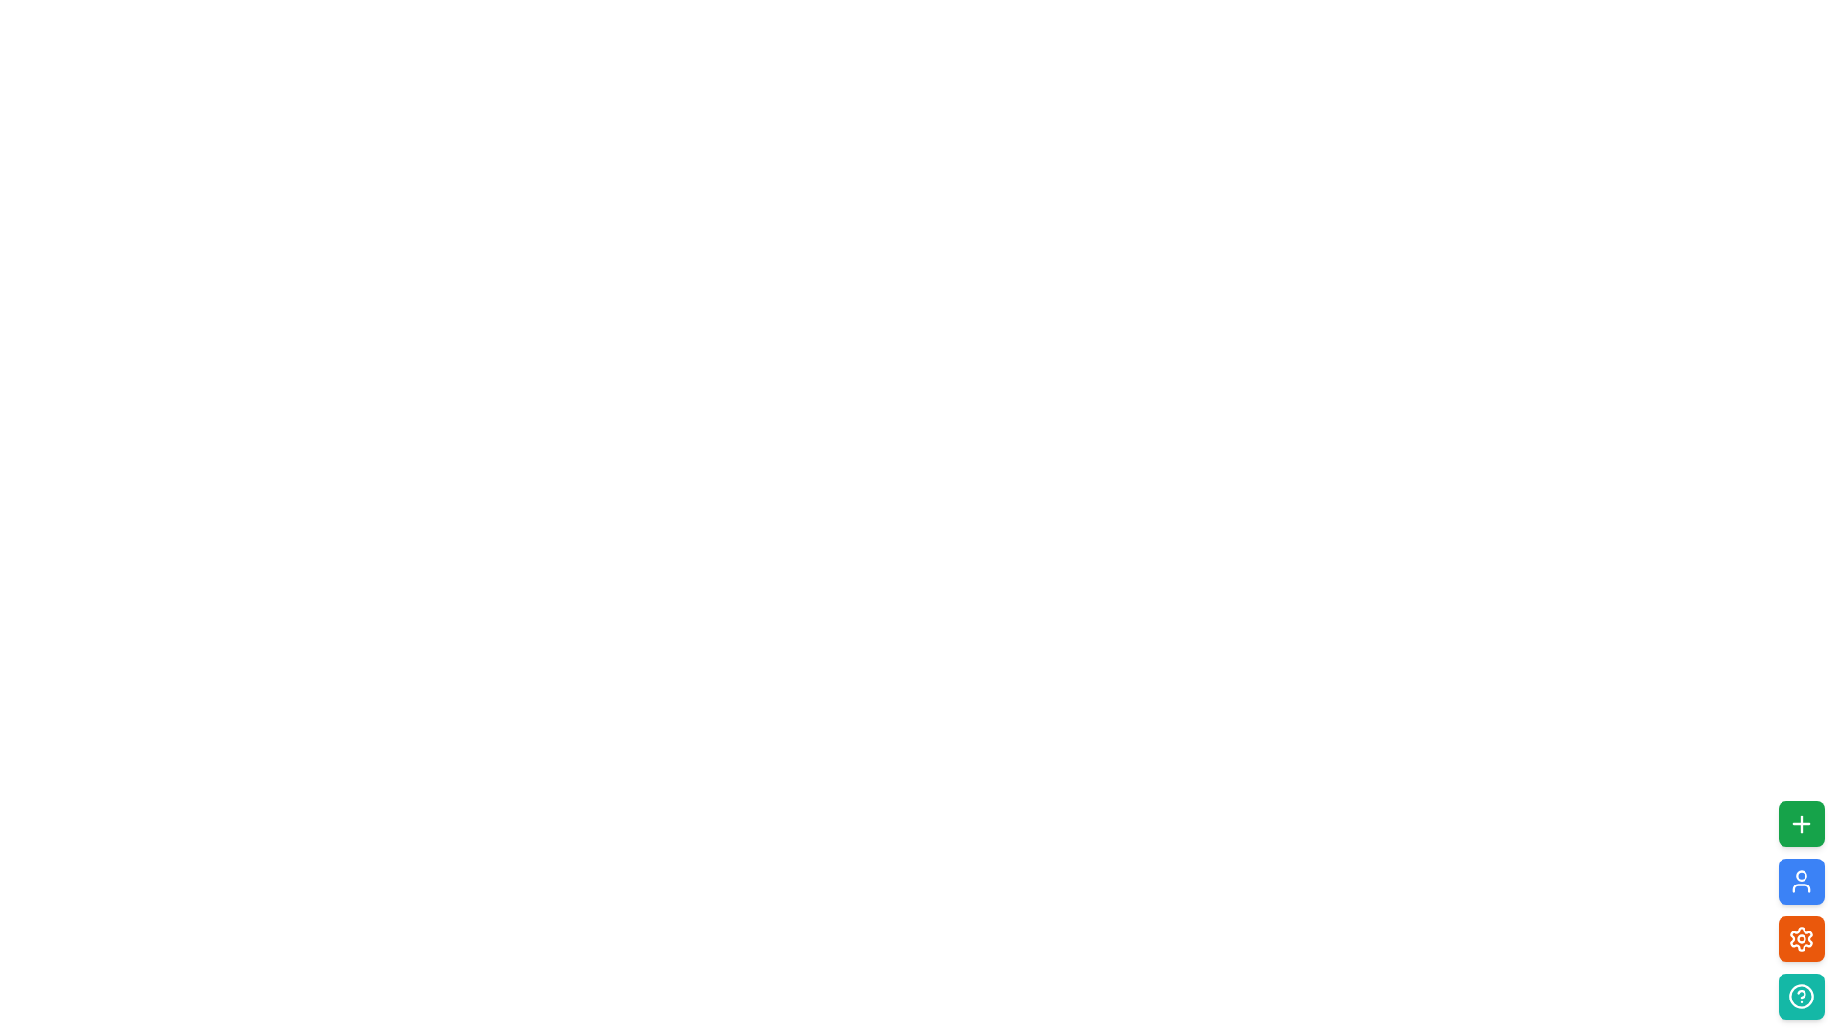 The height and width of the screenshot is (1035, 1840). What do you see at coordinates (1801, 996) in the screenshot?
I see `the circular teal button with a white question mark inside, located beneath the orange Settings button` at bounding box center [1801, 996].